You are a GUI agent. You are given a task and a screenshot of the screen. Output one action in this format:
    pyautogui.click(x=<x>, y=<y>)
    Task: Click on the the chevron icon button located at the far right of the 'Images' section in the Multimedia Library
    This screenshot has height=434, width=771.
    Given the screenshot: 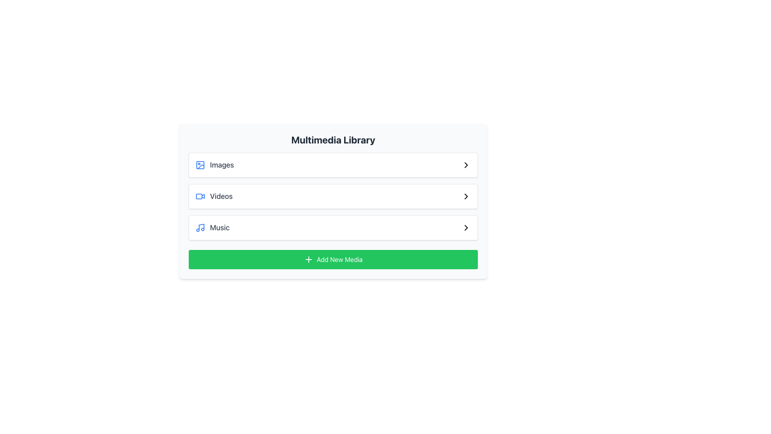 What is the action you would take?
    pyautogui.click(x=466, y=165)
    